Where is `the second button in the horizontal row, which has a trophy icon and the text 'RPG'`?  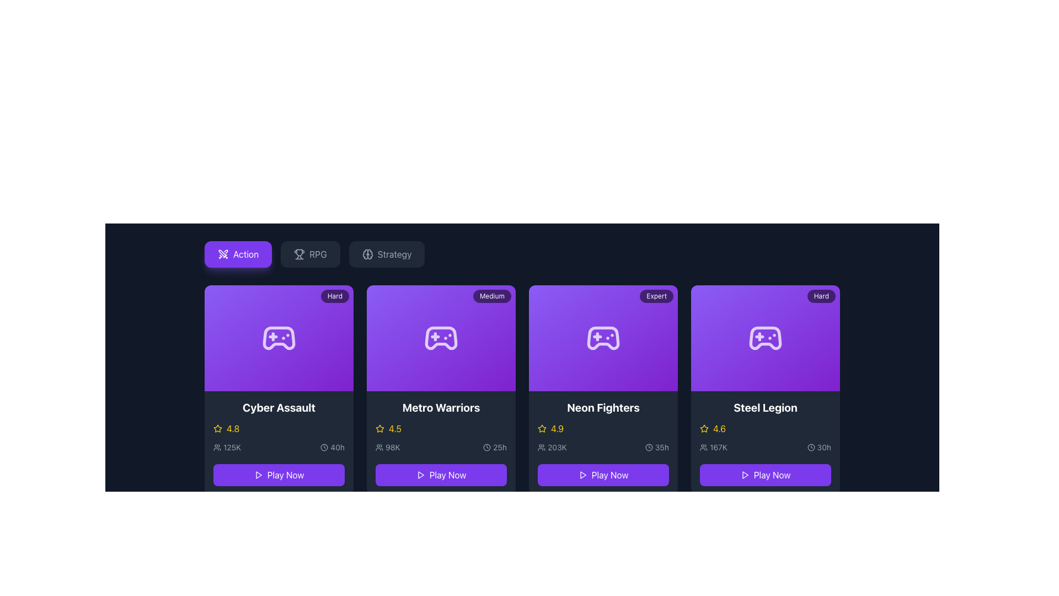 the second button in the horizontal row, which has a trophy icon and the text 'RPG' is located at coordinates (309, 254).